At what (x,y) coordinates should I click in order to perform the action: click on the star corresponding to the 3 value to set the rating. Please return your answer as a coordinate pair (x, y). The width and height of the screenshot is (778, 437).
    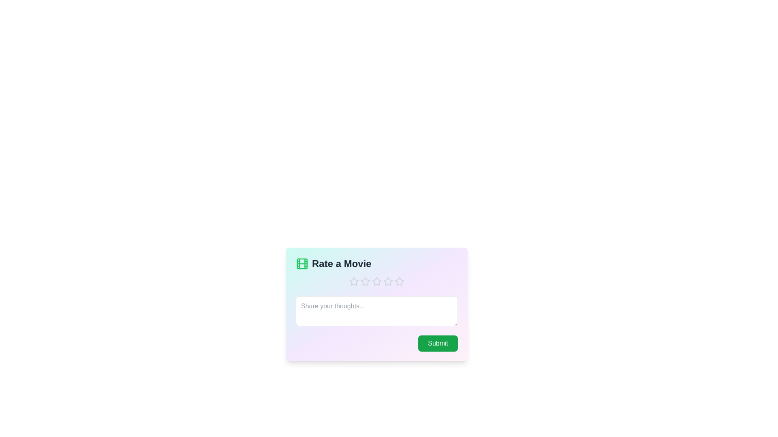
    Looking at the image, I should click on (376, 281).